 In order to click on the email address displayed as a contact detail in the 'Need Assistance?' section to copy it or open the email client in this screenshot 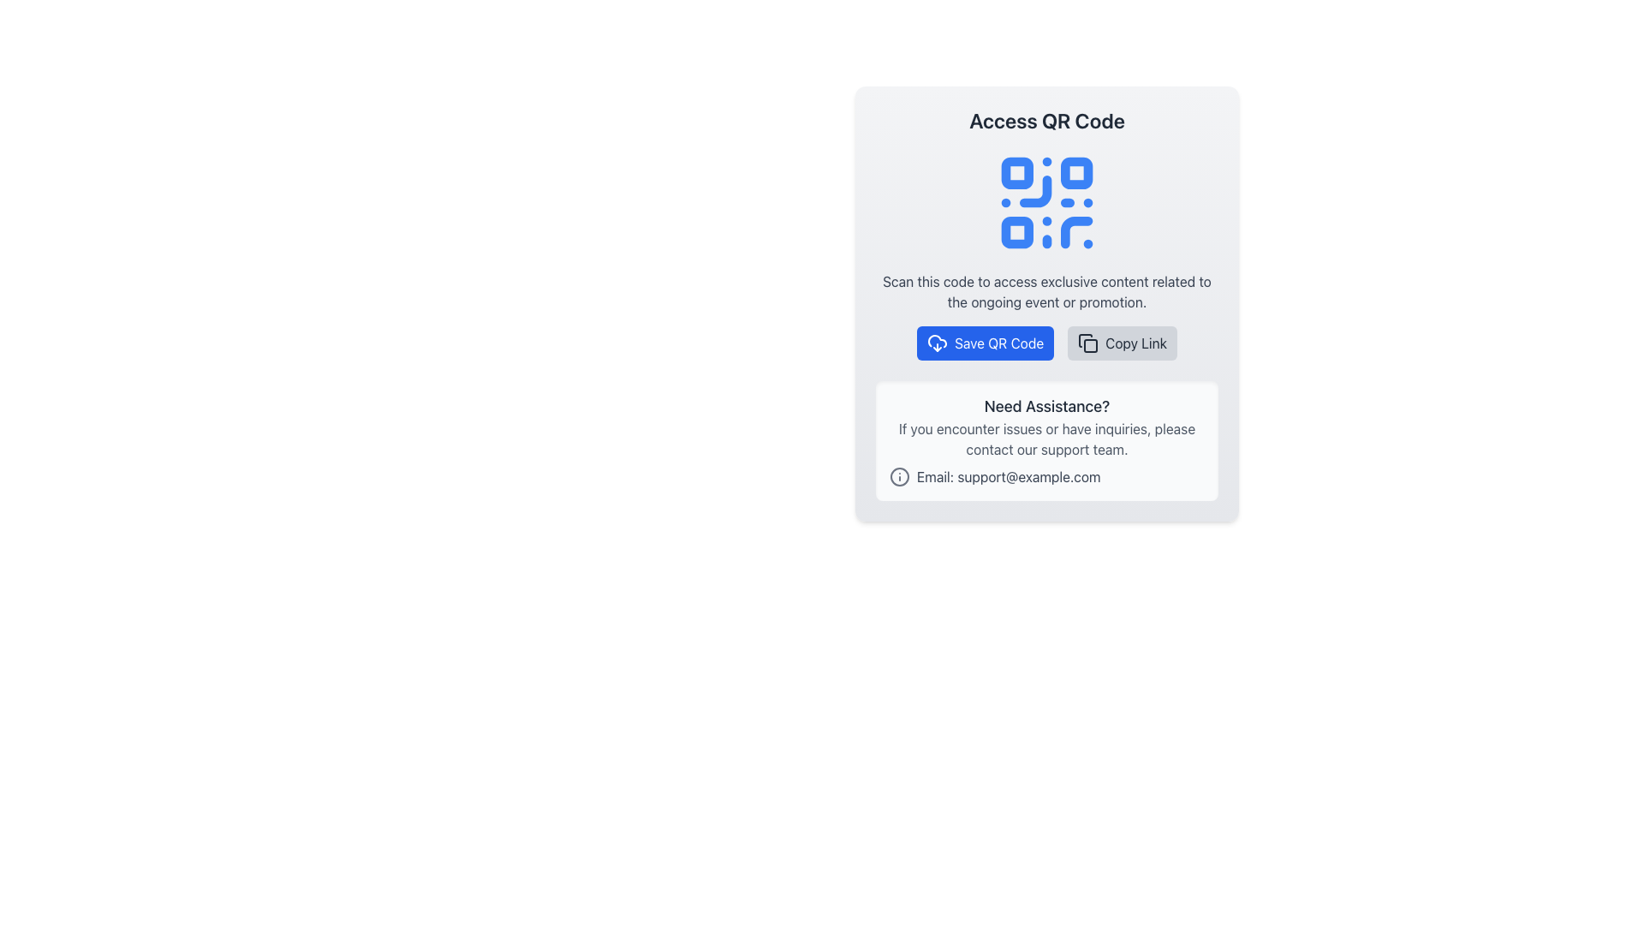, I will do `click(1046, 476)`.